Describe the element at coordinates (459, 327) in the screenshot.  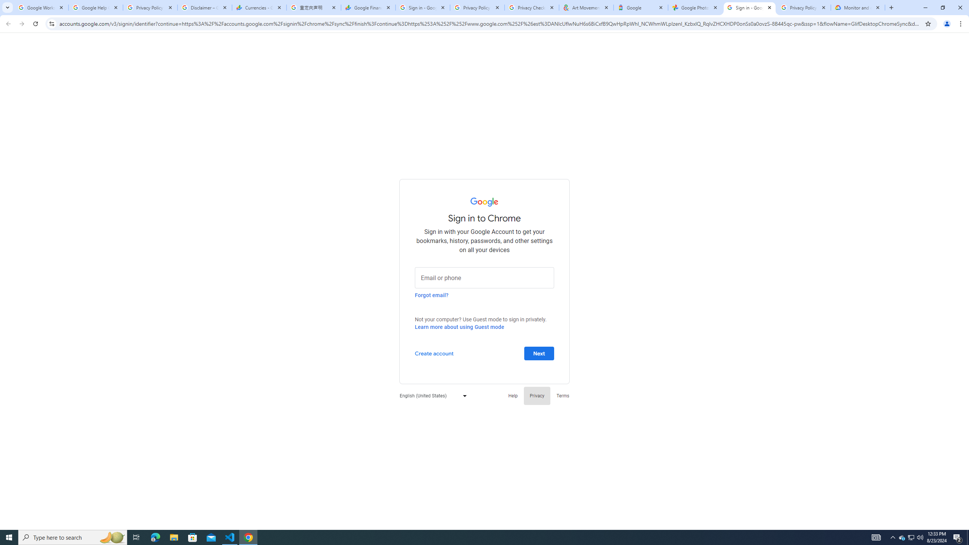
I see `'Learn more about using Guest mode'` at that location.